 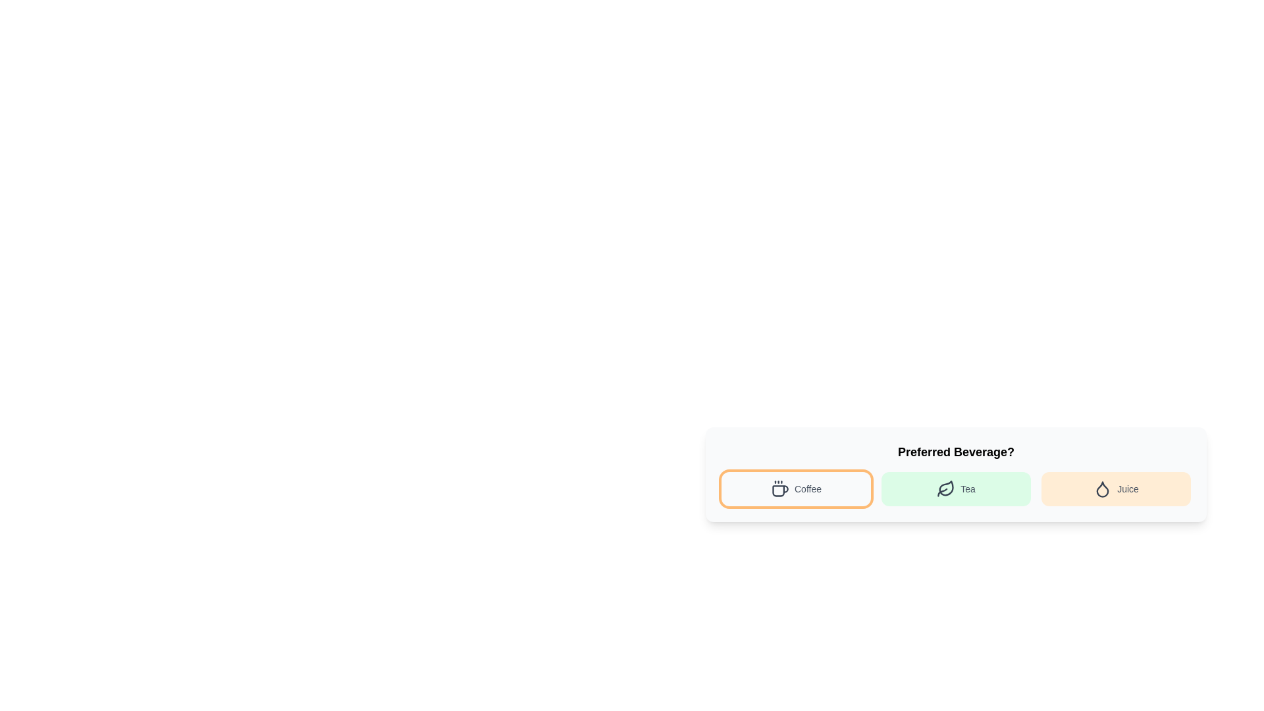 I want to click on the coffee cup icon, which is a simplistic gray SVG graphic with three dots above it, located next to the 'Coffee' label in the button-like component, so click(x=780, y=489).